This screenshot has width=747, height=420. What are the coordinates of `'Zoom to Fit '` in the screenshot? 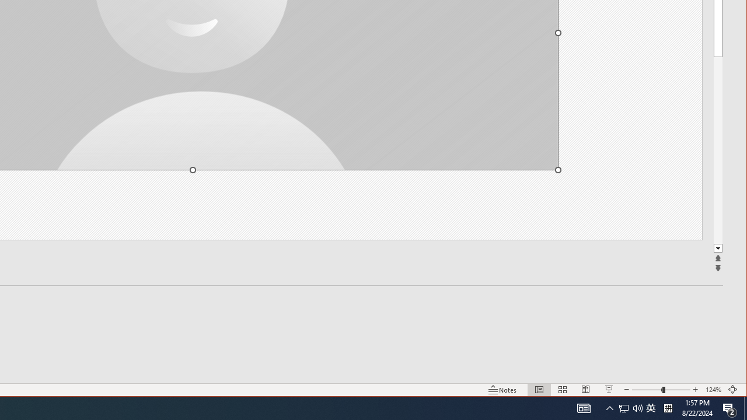 It's located at (732, 390).